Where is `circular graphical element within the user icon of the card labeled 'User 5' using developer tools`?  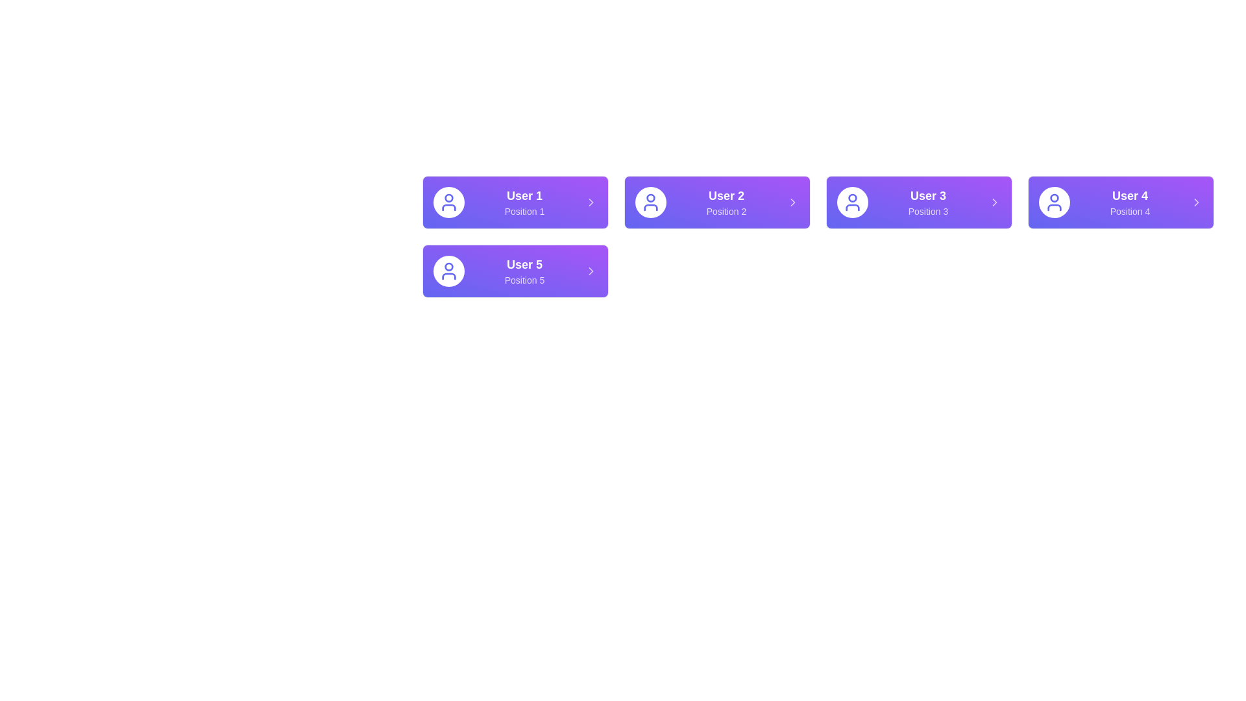
circular graphical element within the user icon of the card labeled 'User 5' using developer tools is located at coordinates (448, 266).